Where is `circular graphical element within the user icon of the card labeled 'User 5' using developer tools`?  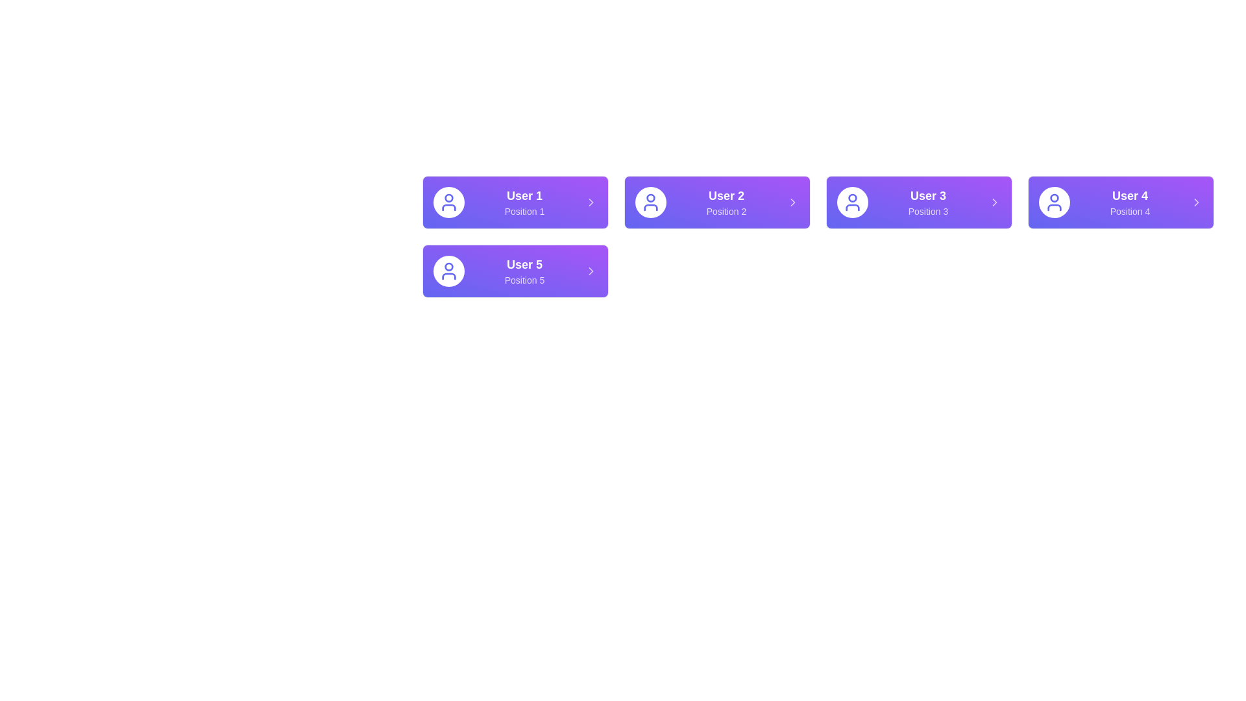
circular graphical element within the user icon of the card labeled 'User 5' using developer tools is located at coordinates (448, 266).